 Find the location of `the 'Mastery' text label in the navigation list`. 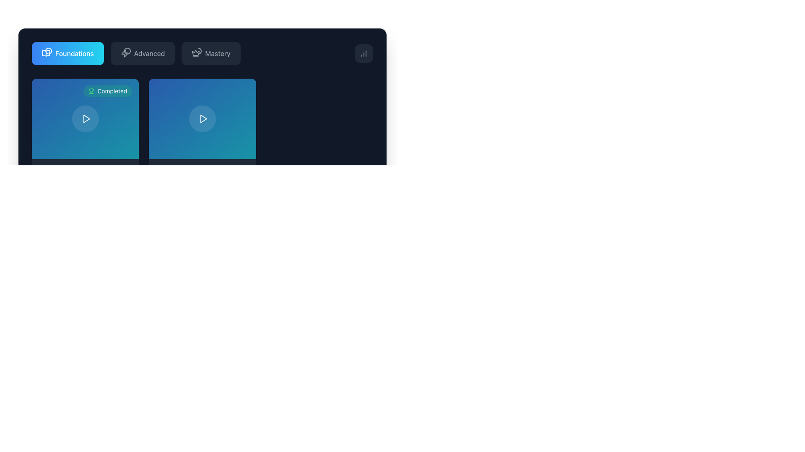

the 'Mastery' text label in the navigation list is located at coordinates (218, 53).